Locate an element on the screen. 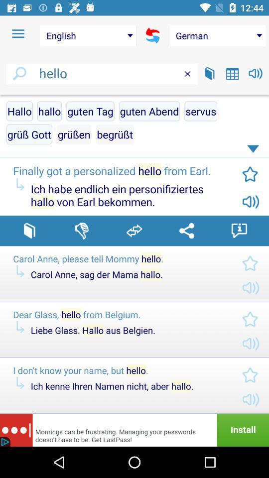 Image resolution: width=269 pixels, height=478 pixels. servus icon is located at coordinates (201, 111).